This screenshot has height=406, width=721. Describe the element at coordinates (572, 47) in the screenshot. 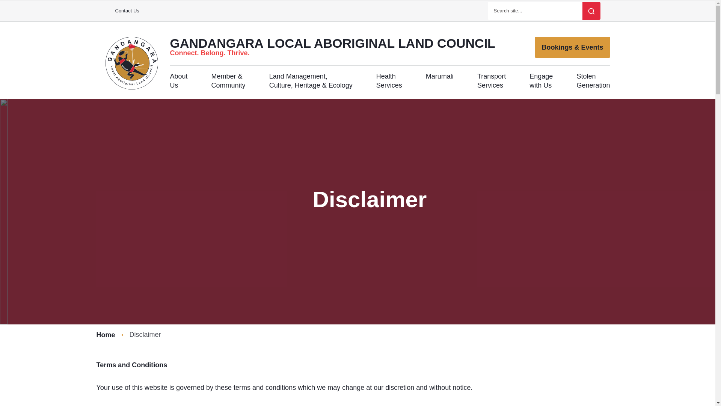

I see `'Bookings & Events'` at that location.